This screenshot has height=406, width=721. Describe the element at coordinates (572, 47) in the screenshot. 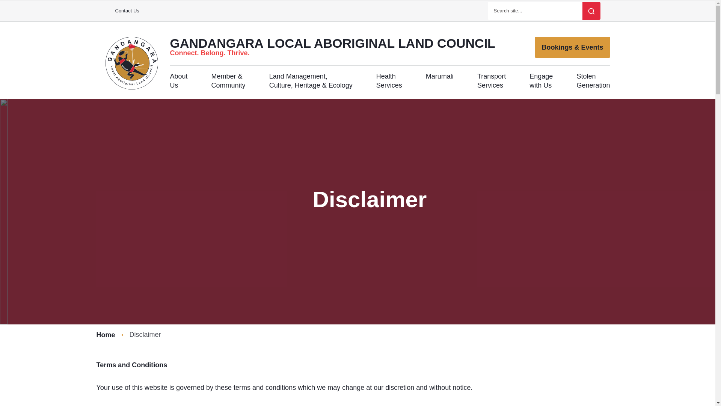

I see `'Bookings & Events'` at that location.